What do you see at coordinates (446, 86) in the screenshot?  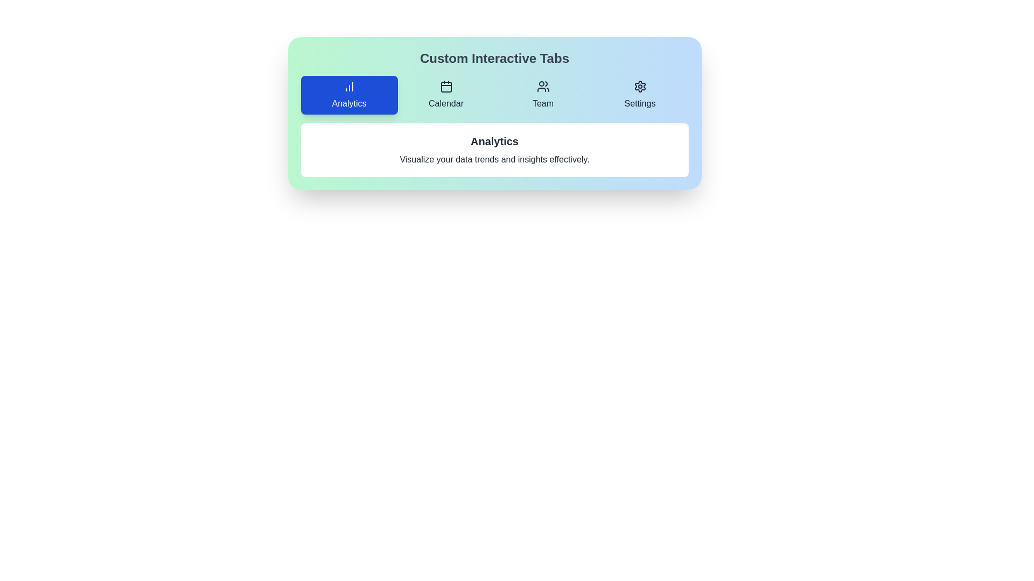 I see `the calendar icon, which is the second item in a row of icons` at bounding box center [446, 86].